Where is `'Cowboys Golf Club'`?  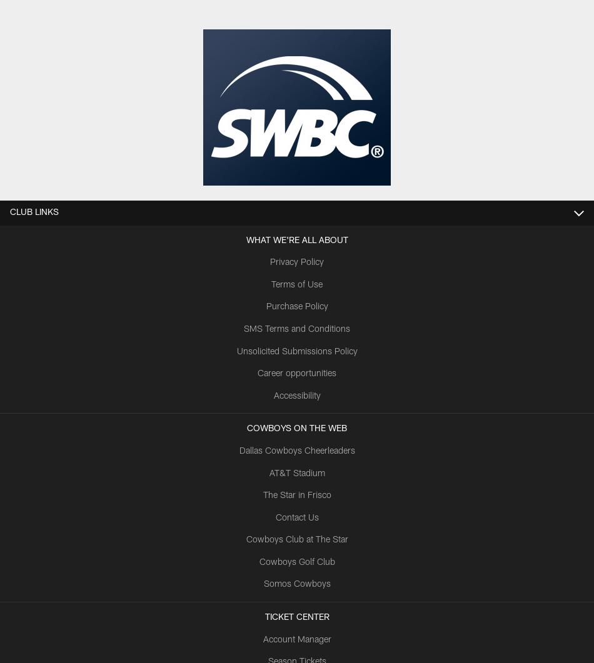
'Cowboys Golf Club' is located at coordinates (296, 562).